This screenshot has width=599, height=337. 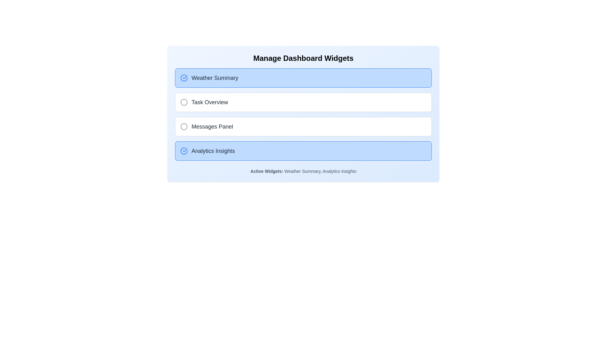 I want to click on the blue checkmark icon located to the left of the 'Weather Summary' text in the first option of the vertical list of dashboard widget options, so click(x=184, y=78).